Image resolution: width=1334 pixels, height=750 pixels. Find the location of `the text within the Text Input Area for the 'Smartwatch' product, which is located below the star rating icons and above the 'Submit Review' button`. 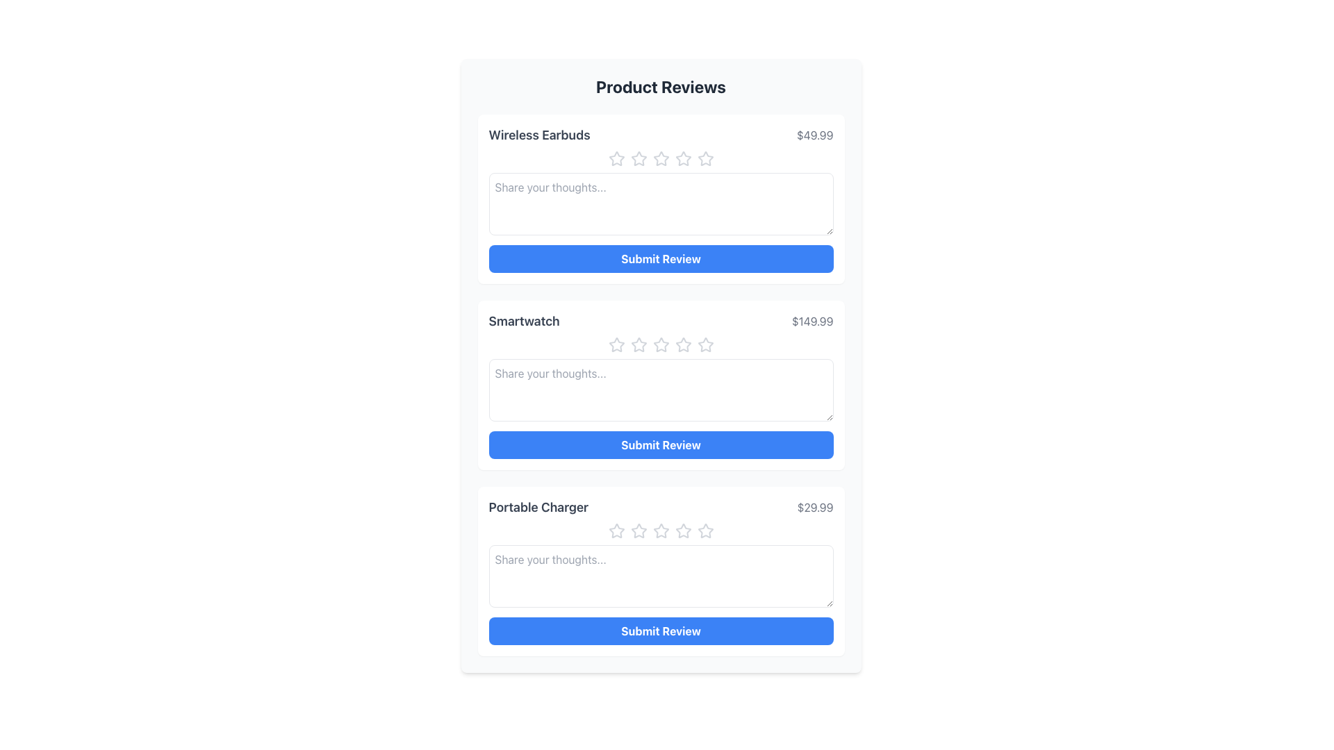

the text within the Text Input Area for the 'Smartwatch' product, which is located below the star rating icons and above the 'Submit Review' button is located at coordinates (660, 390).